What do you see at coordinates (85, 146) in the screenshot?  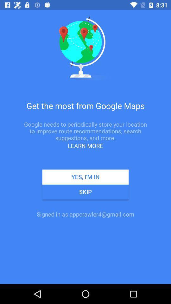 I see `learn more icon` at bounding box center [85, 146].